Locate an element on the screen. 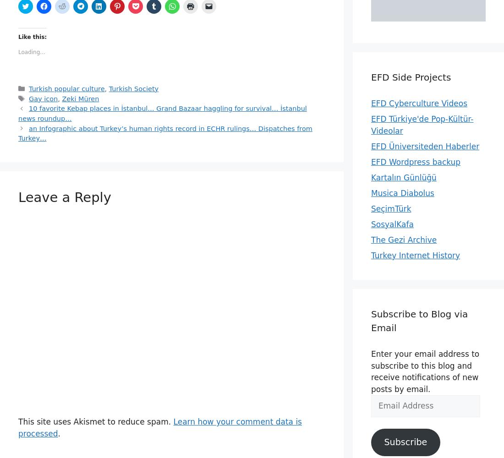  'Musica Diabolus' is located at coordinates (402, 193).